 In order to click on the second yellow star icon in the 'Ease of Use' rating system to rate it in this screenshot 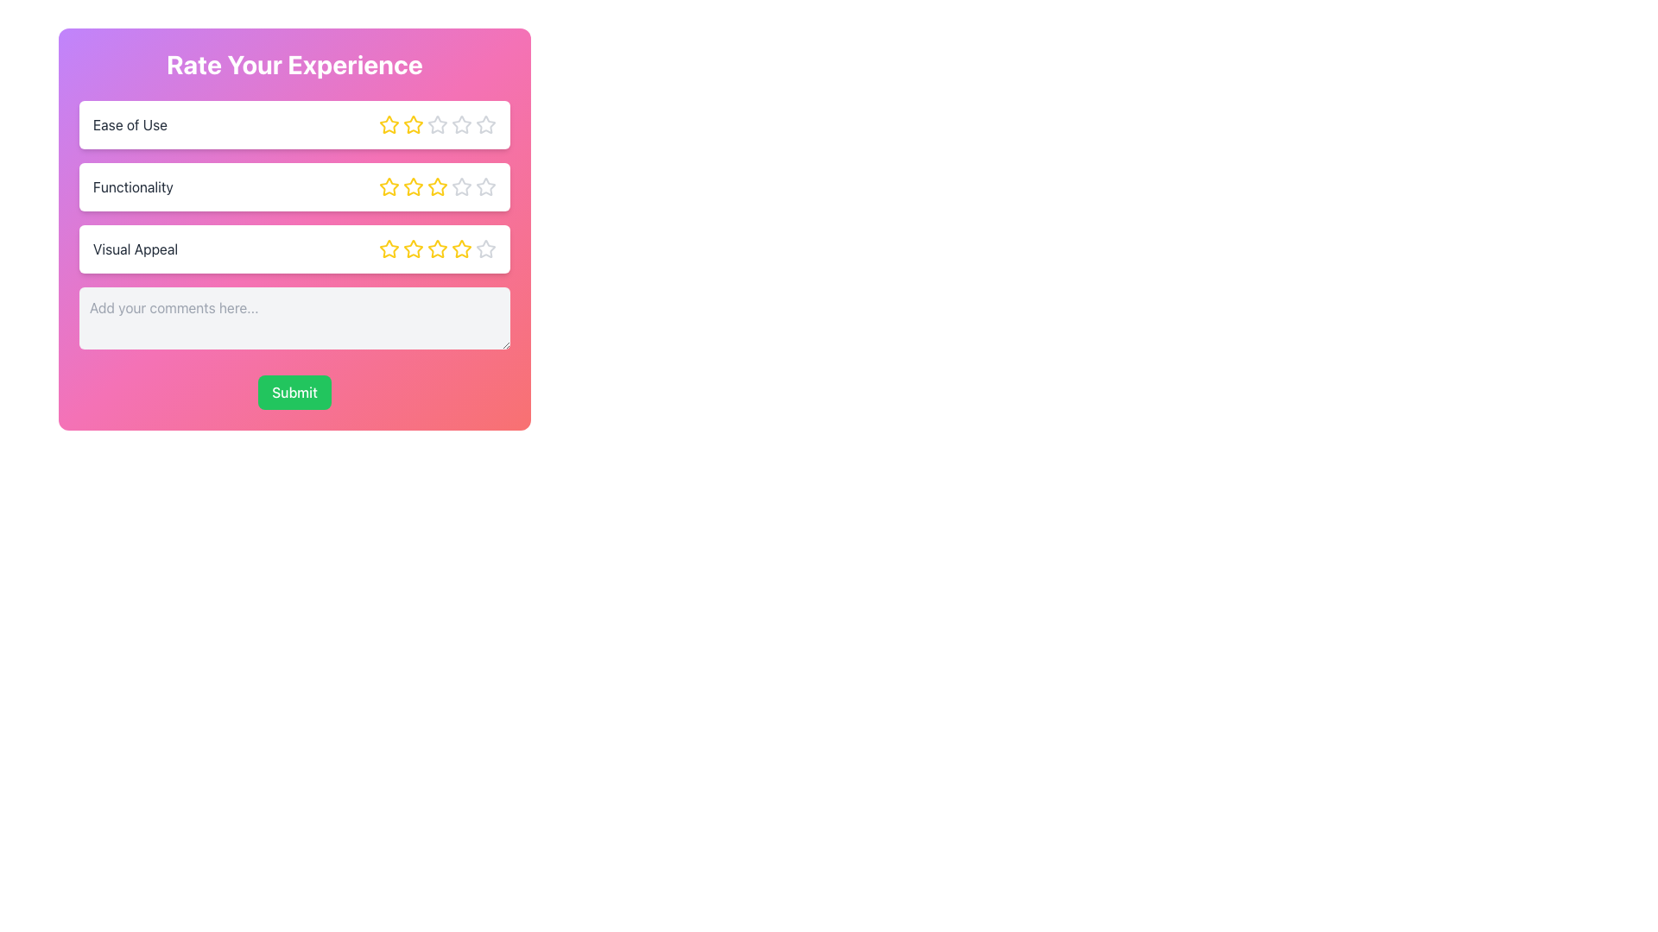, I will do `click(413, 123)`.